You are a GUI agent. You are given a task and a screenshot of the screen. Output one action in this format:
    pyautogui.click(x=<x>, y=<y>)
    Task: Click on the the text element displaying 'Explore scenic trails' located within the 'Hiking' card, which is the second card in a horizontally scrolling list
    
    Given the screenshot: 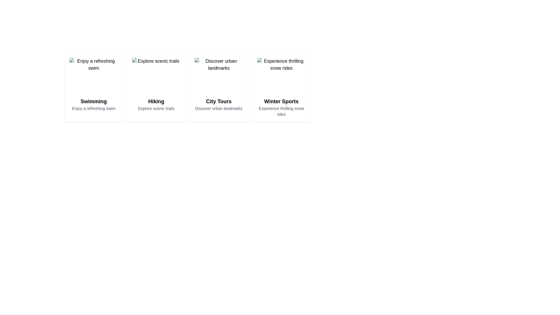 What is the action you would take?
    pyautogui.click(x=156, y=108)
    